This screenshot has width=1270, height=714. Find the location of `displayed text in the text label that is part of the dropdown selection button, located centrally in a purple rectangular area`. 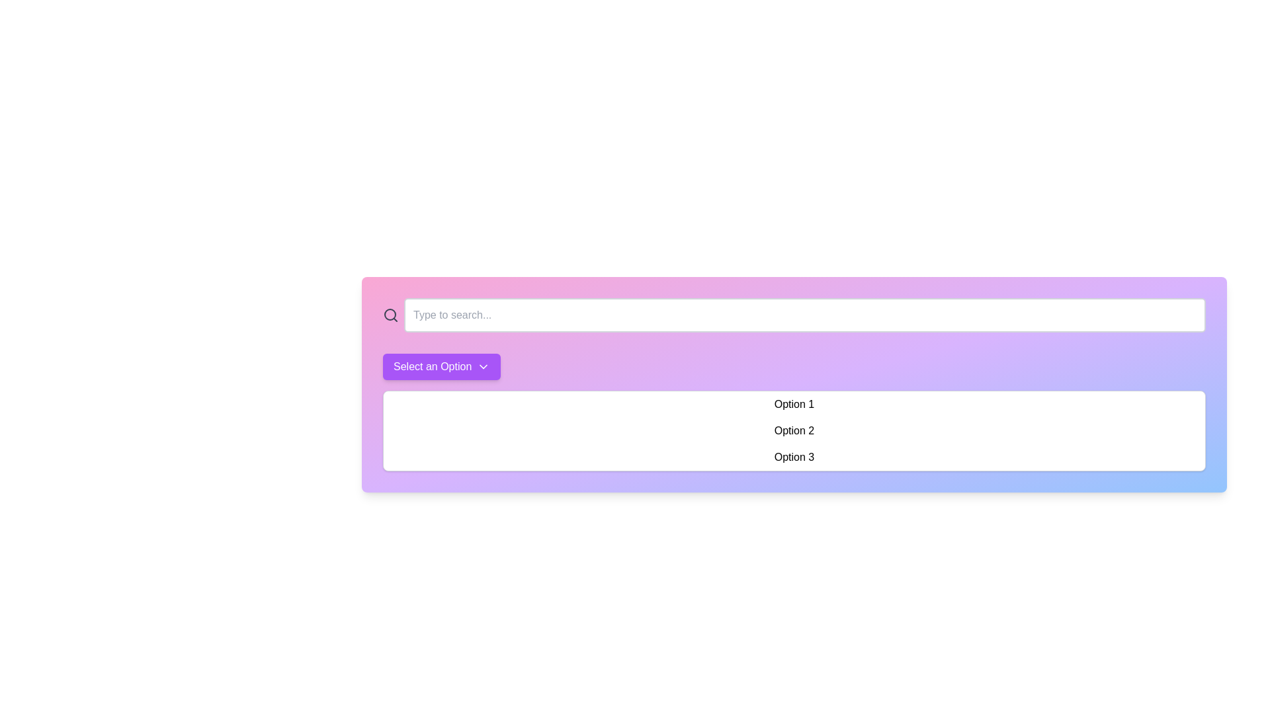

displayed text in the text label that is part of the dropdown selection button, located centrally in a purple rectangular area is located at coordinates (433, 367).